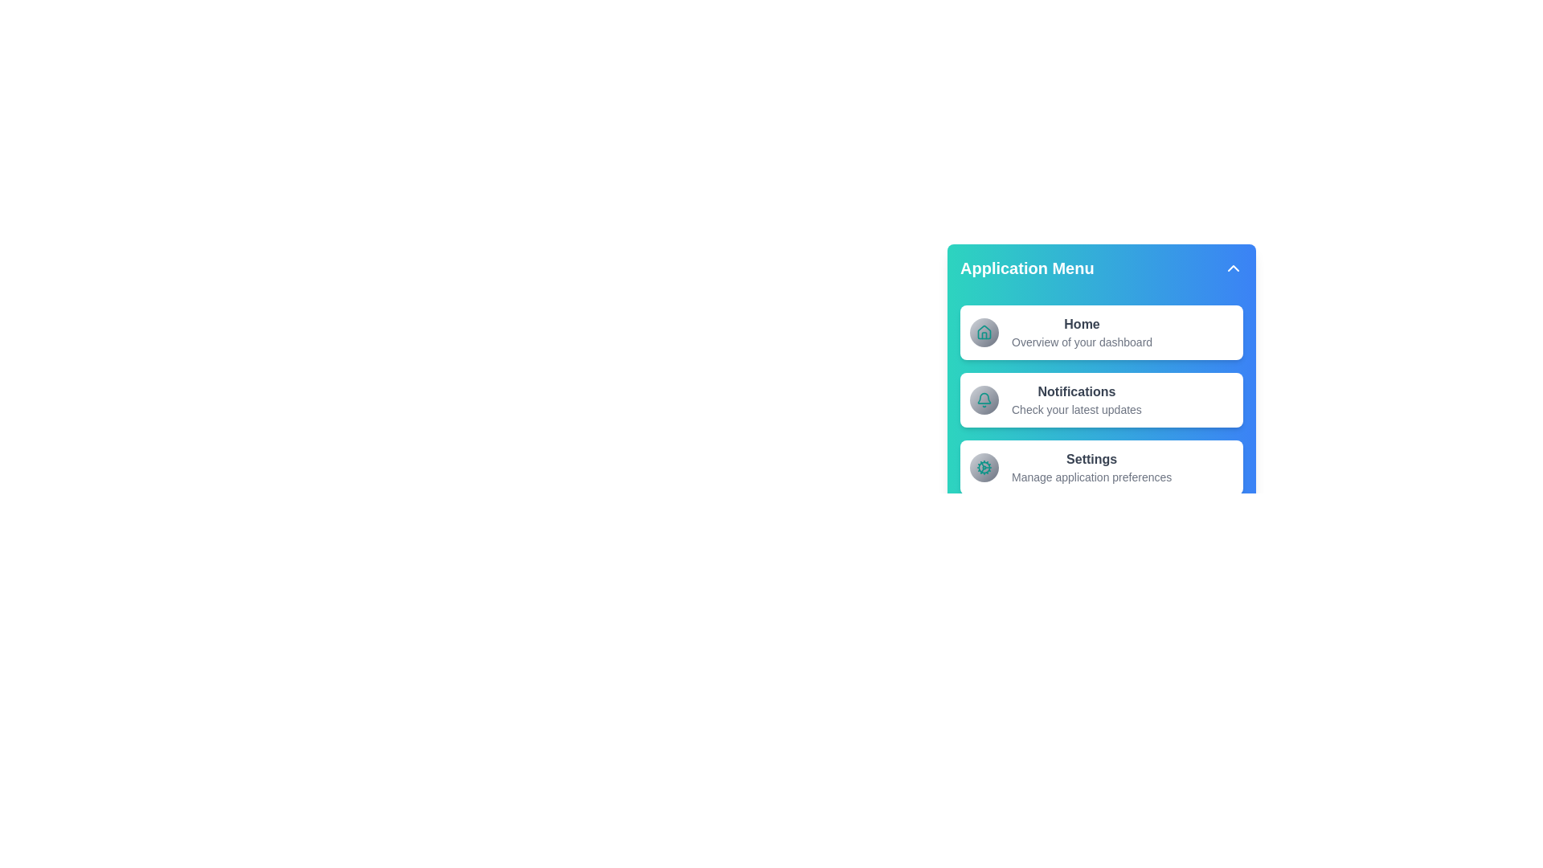  I want to click on the menu item Home and read its description, so click(1010, 325).